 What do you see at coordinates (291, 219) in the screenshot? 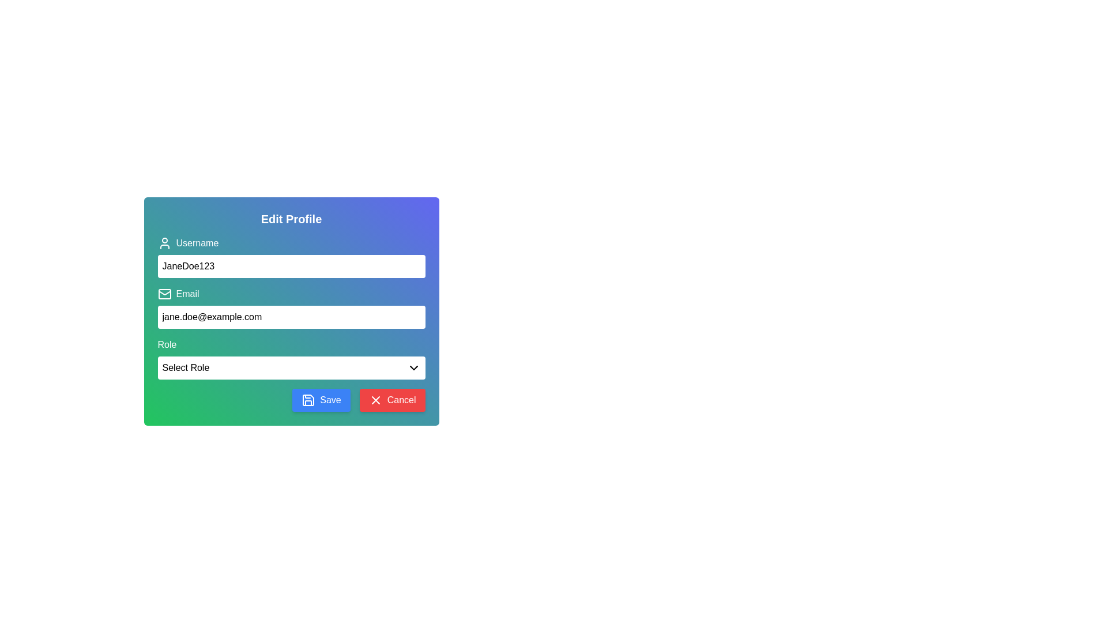
I see `the static text label that serves as a header for the profile editing form, positioned at the very top of the layout` at bounding box center [291, 219].